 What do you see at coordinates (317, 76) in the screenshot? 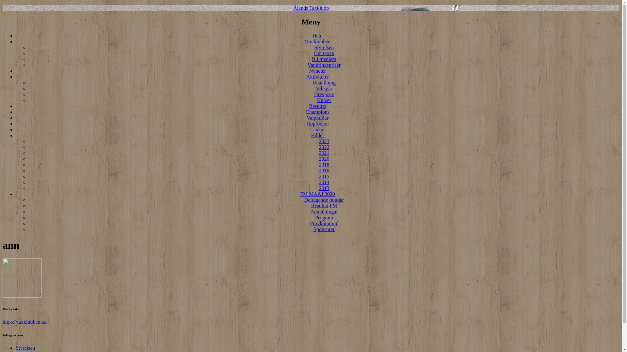
I see `'Aktiviteter'` at bounding box center [317, 76].